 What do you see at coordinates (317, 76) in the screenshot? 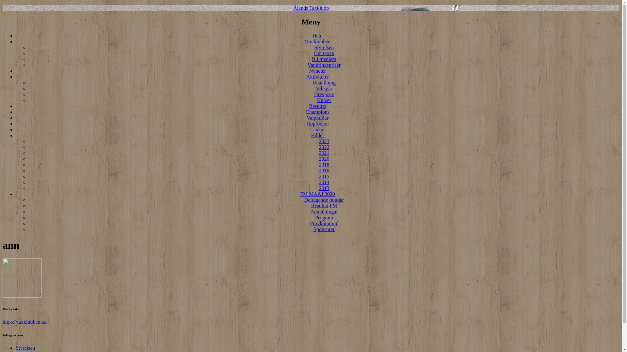
I see `'Aktiviteter'` at bounding box center [317, 76].